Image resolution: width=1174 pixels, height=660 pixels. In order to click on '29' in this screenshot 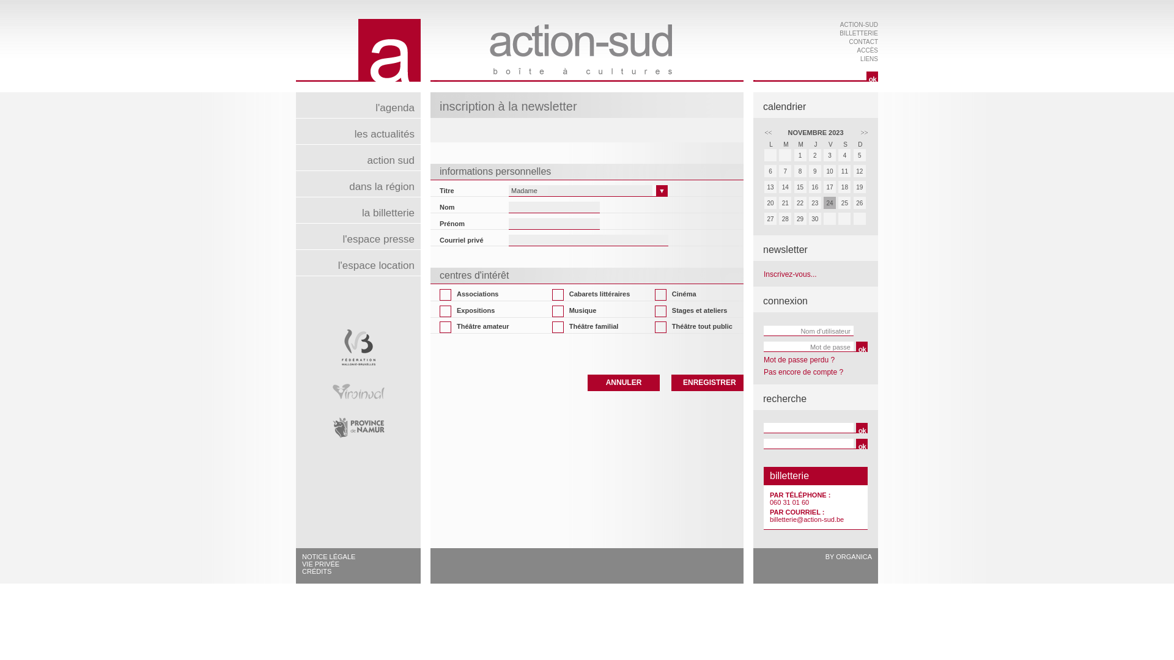, I will do `click(800, 218)`.